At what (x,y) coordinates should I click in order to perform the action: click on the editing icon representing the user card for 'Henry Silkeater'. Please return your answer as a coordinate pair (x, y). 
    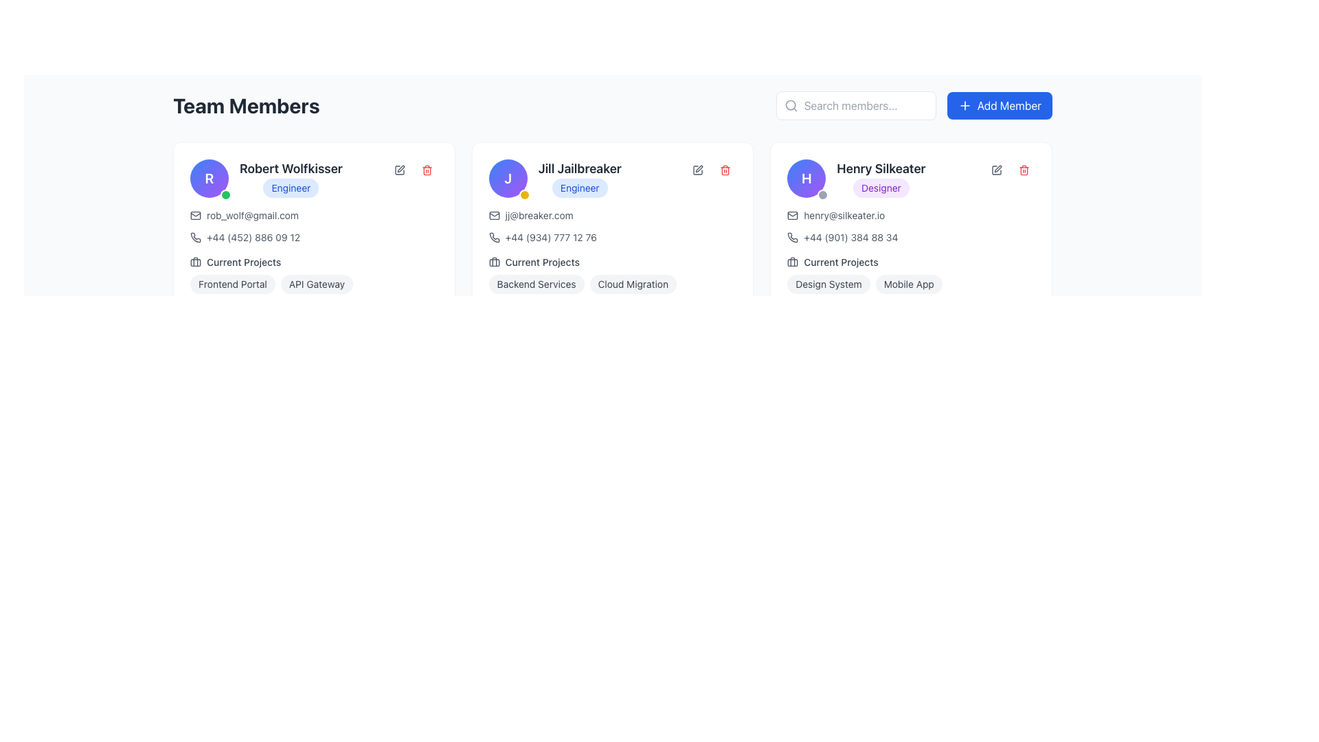
    Looking at the image, I should click on (996, 169).